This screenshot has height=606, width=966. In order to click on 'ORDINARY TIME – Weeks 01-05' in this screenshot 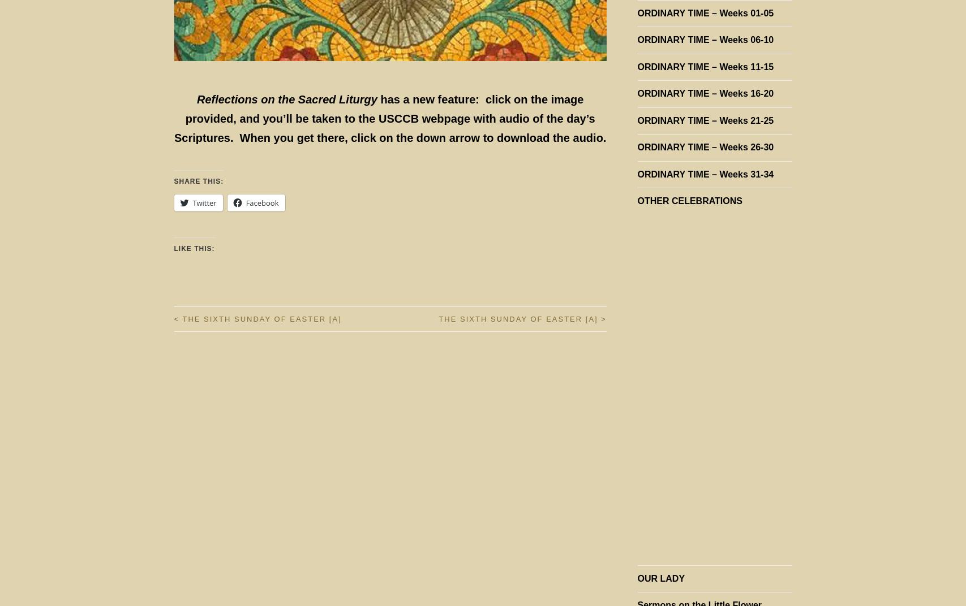, I will do `click(705, 12)`.